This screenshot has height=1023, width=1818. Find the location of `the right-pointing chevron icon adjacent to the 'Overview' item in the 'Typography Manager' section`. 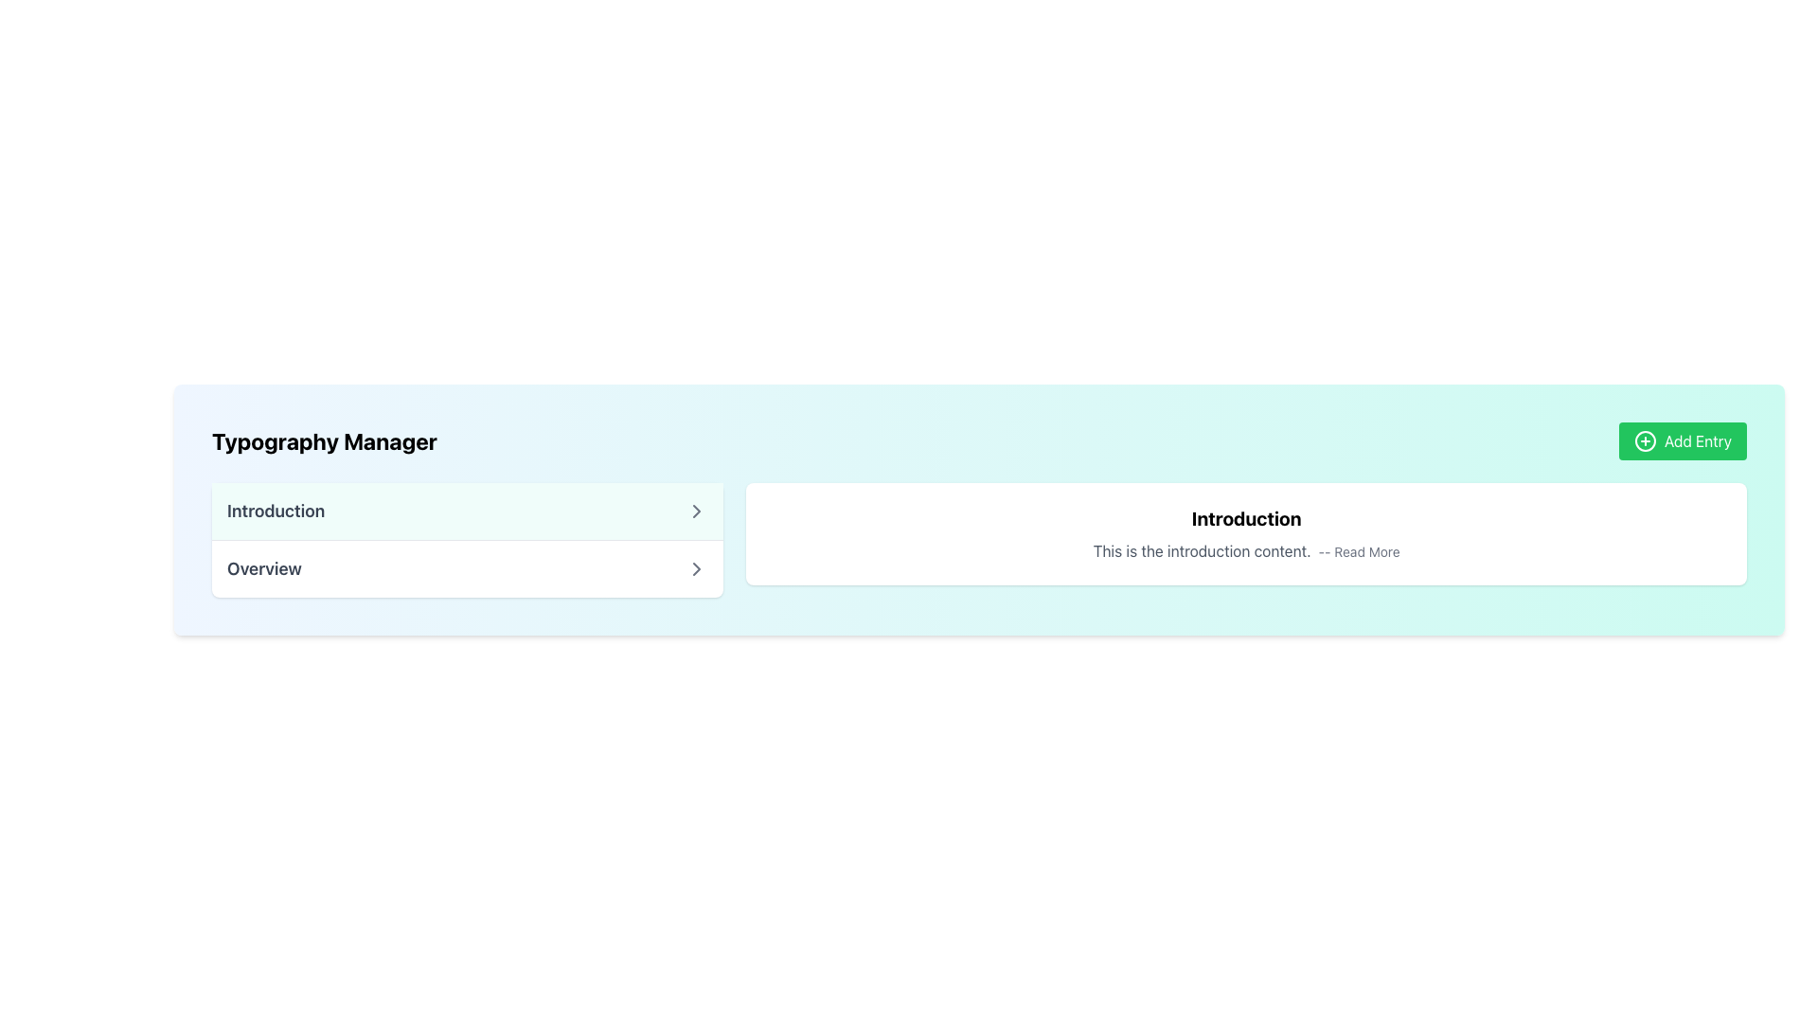

the right-pointing chevron icon adjacent to the 'Overview' item in the 'Typography Manager' section is located at coordinates (696, 568).